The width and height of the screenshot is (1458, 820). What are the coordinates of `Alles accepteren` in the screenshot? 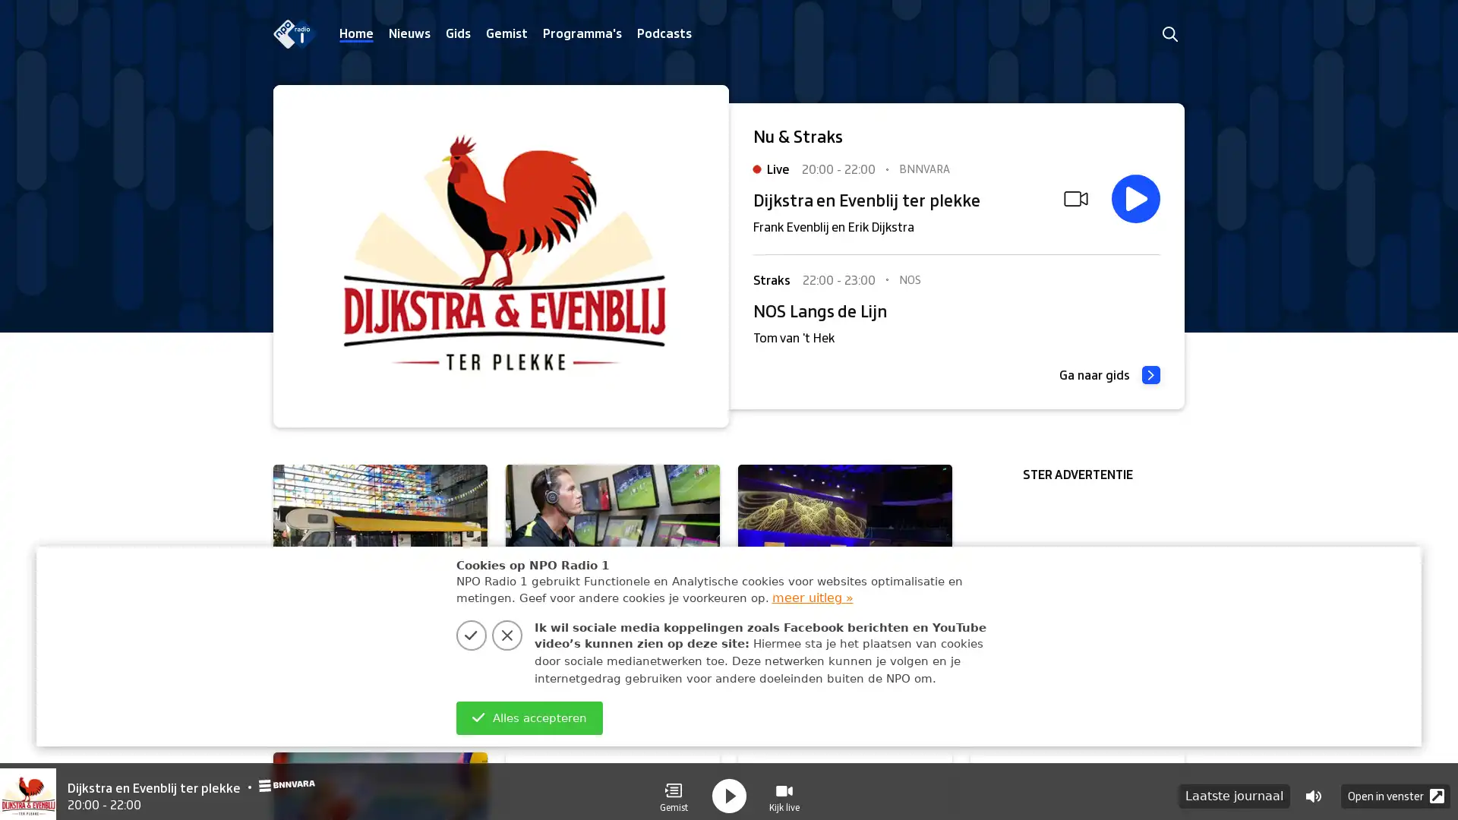 It's located at (529, 717).